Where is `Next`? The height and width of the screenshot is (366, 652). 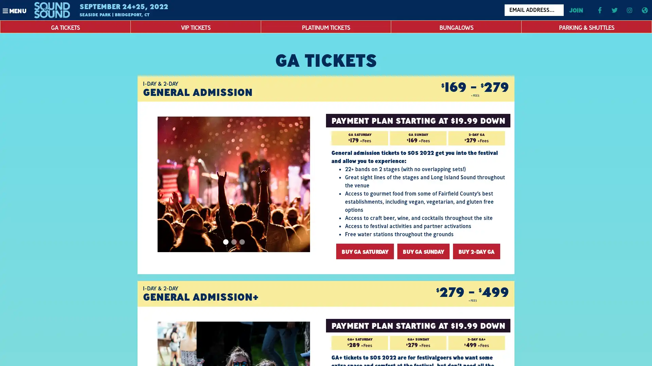
Next is located at coordinates (299, 184).